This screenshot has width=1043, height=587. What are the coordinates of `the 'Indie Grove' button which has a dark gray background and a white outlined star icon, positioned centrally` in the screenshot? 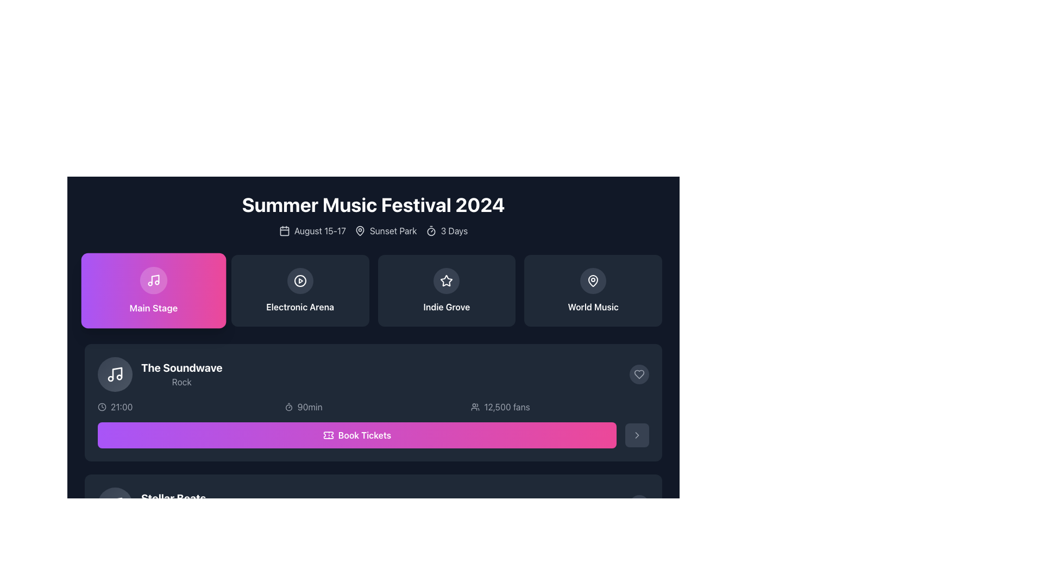 It's located at (447, 290).